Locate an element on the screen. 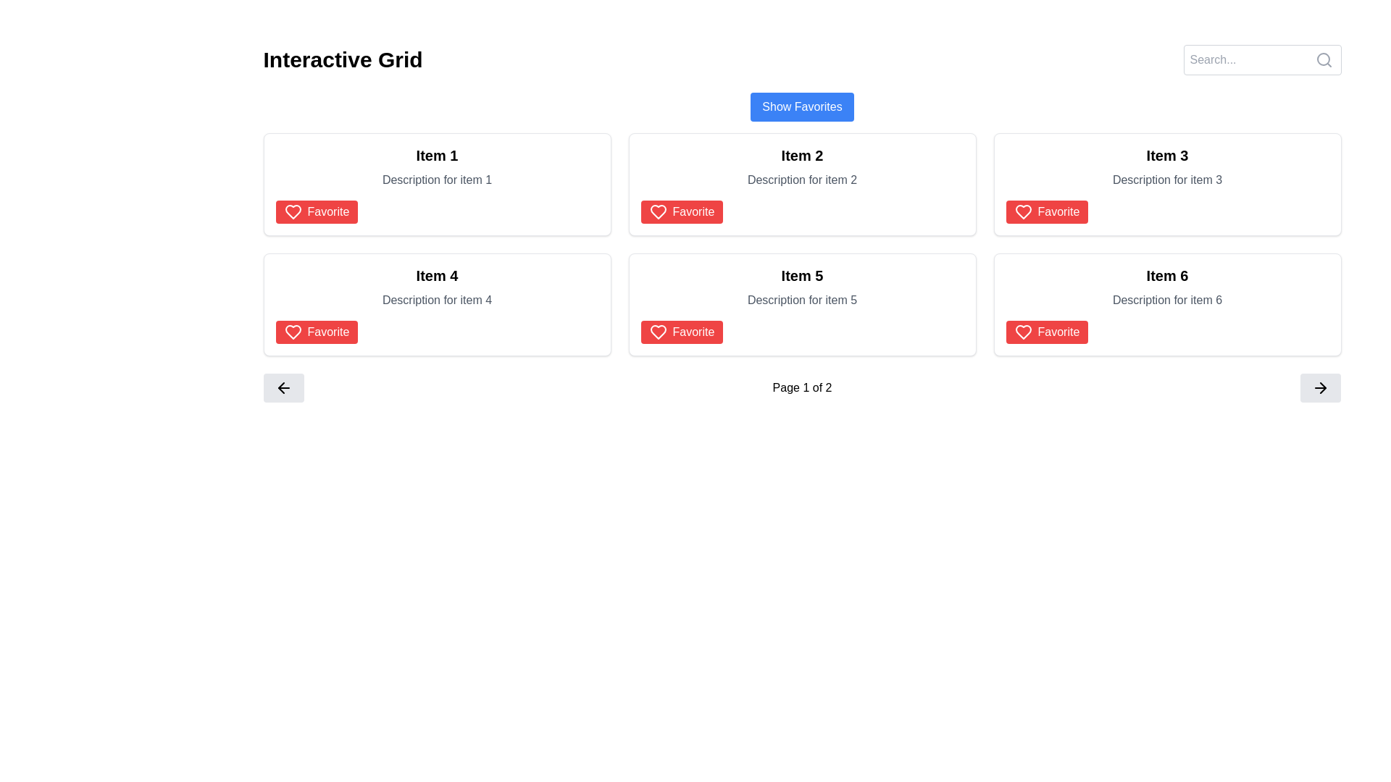 This screenshot has height=782, width=1391. the Heart-shaped icon located near the bottom-left corner of the card for 'Item 6' in the second row of the grid layout, adjacent to the label 'Favorite.' is located at coordinates (1022, 332).